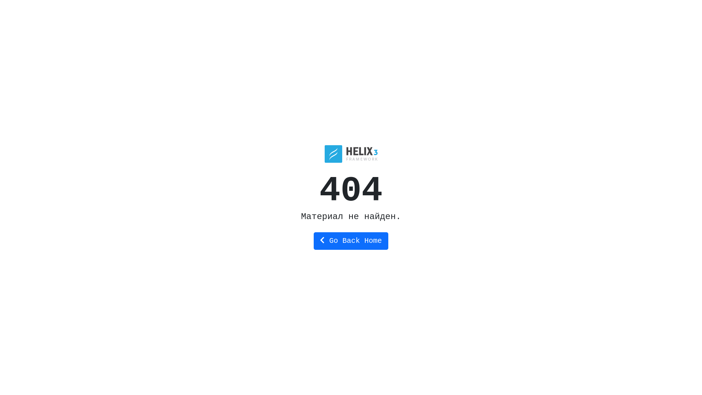 The image size is (702, 395). Describe the element at coordinates (350, 241) in the screenshot. I see `'Go Back Home'` at that location.